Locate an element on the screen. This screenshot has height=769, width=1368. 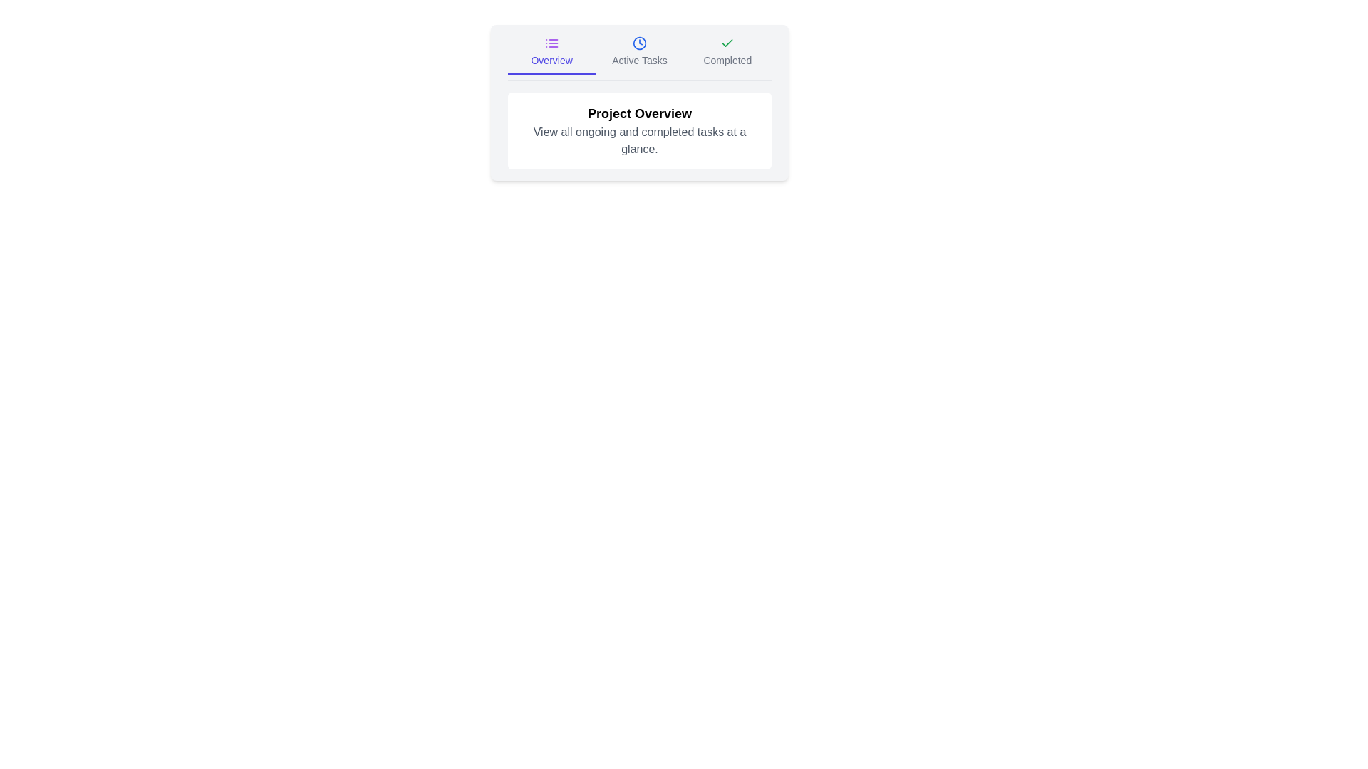
the Completed tab is located at coordinates (727, 54).